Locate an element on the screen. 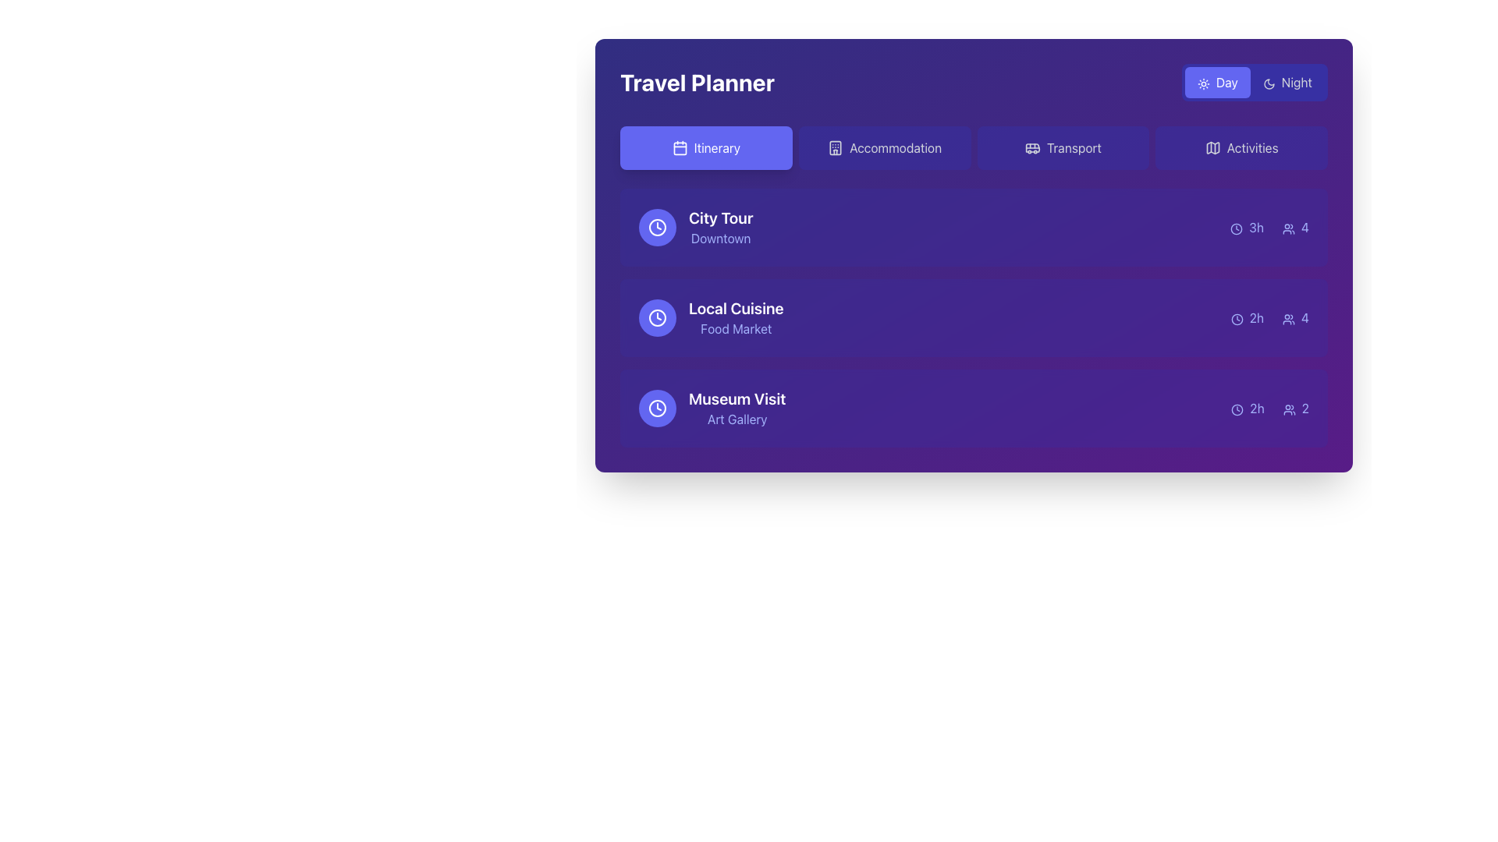  the 'Local Cuisine' text label, which is displayed in white on a purple background, to emphasize or reveal additional information is located at coordinates (735, 309).